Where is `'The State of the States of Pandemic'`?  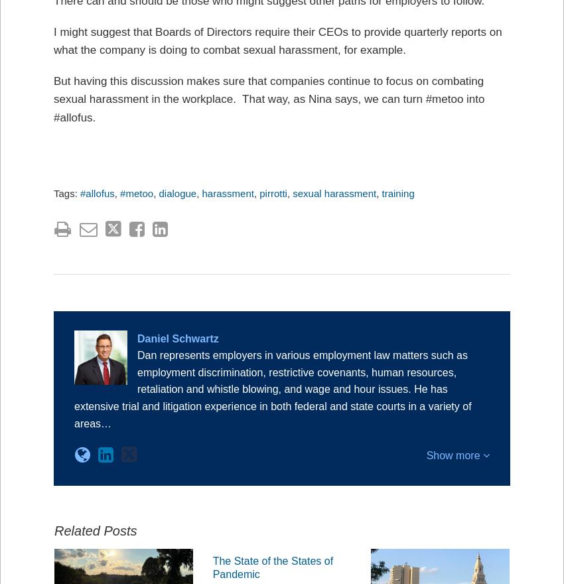 'The State of the States of Pandemic' is located at coordinates (272, 567).